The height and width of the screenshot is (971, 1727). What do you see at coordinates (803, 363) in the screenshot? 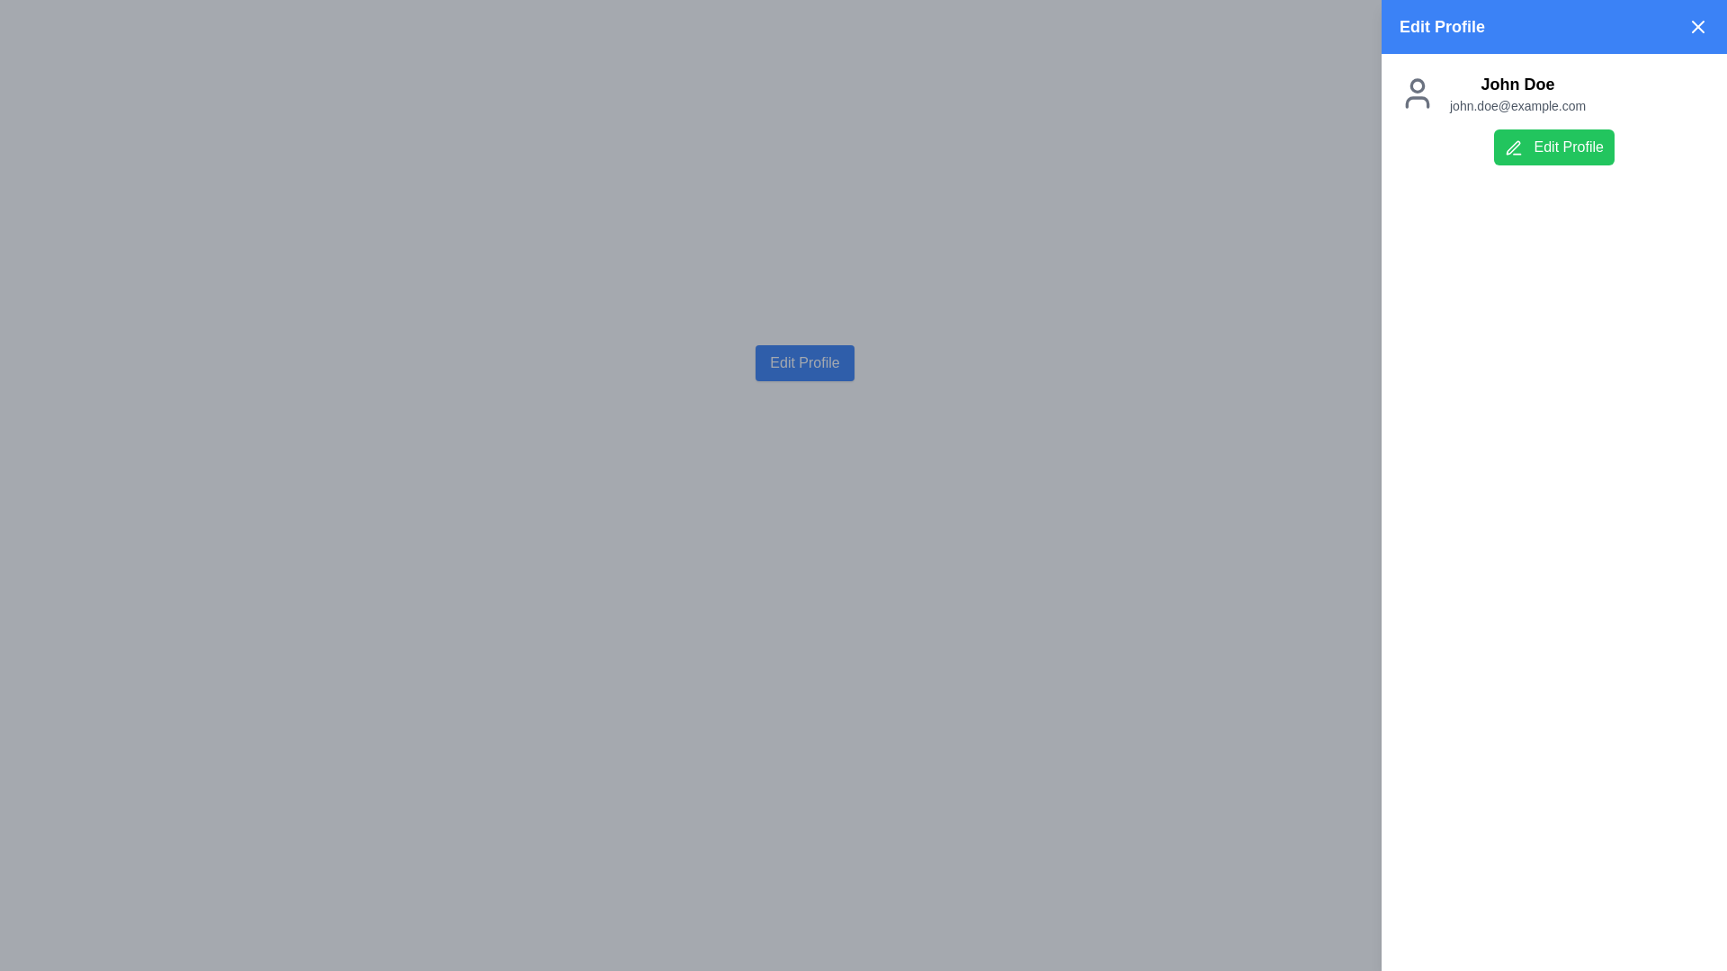
I see `the 'Edit Profile' button with a blue background and white text` at bounding box center [803, 363].